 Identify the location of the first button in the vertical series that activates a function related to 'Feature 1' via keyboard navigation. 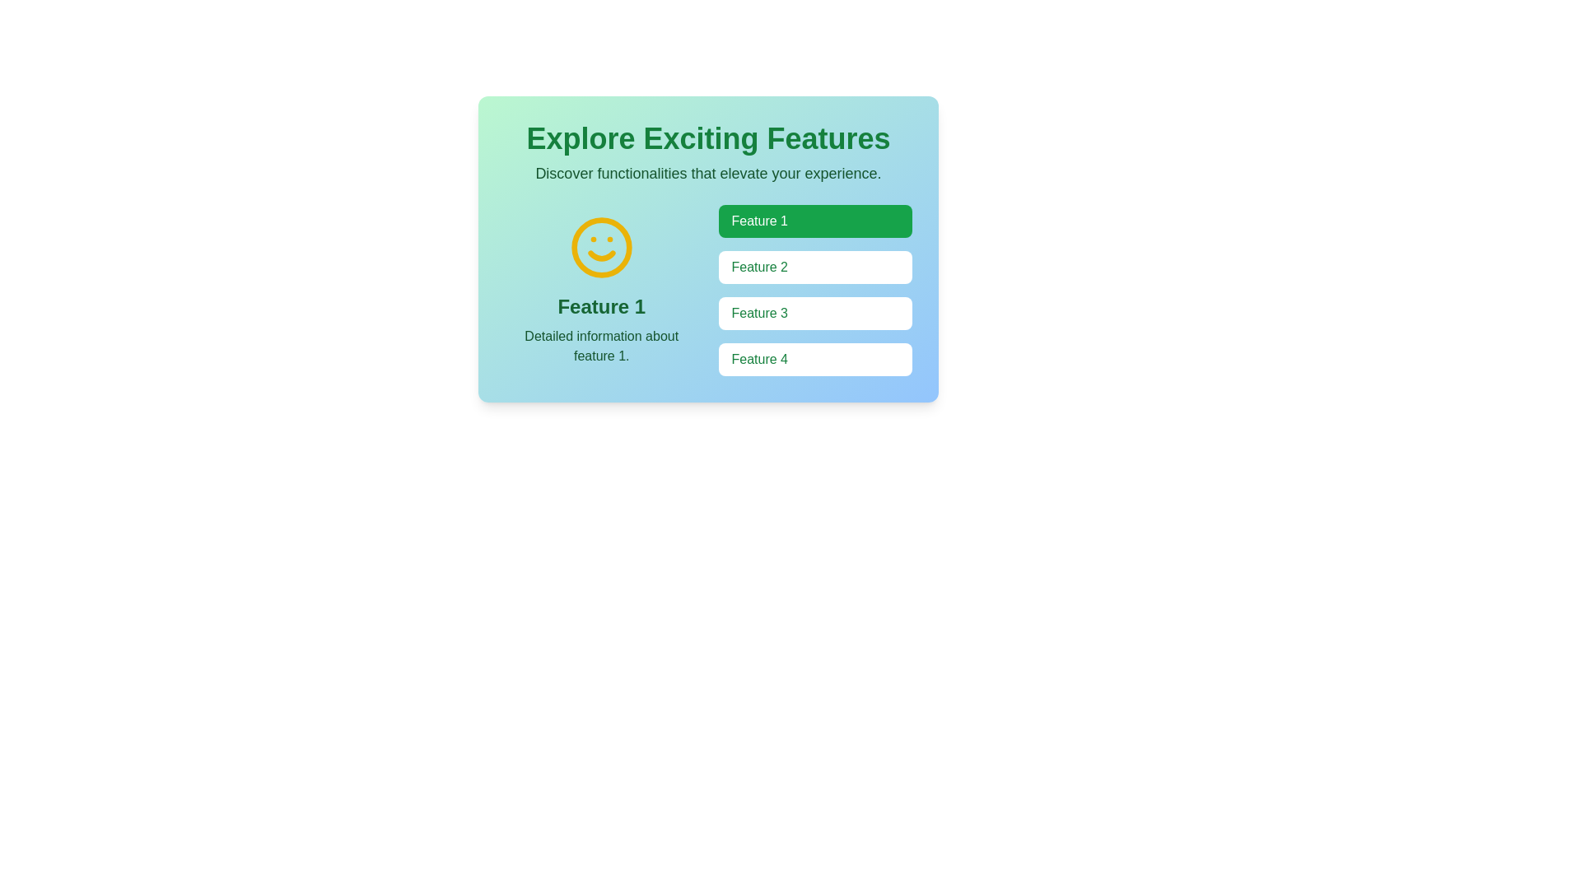
(815, 221).